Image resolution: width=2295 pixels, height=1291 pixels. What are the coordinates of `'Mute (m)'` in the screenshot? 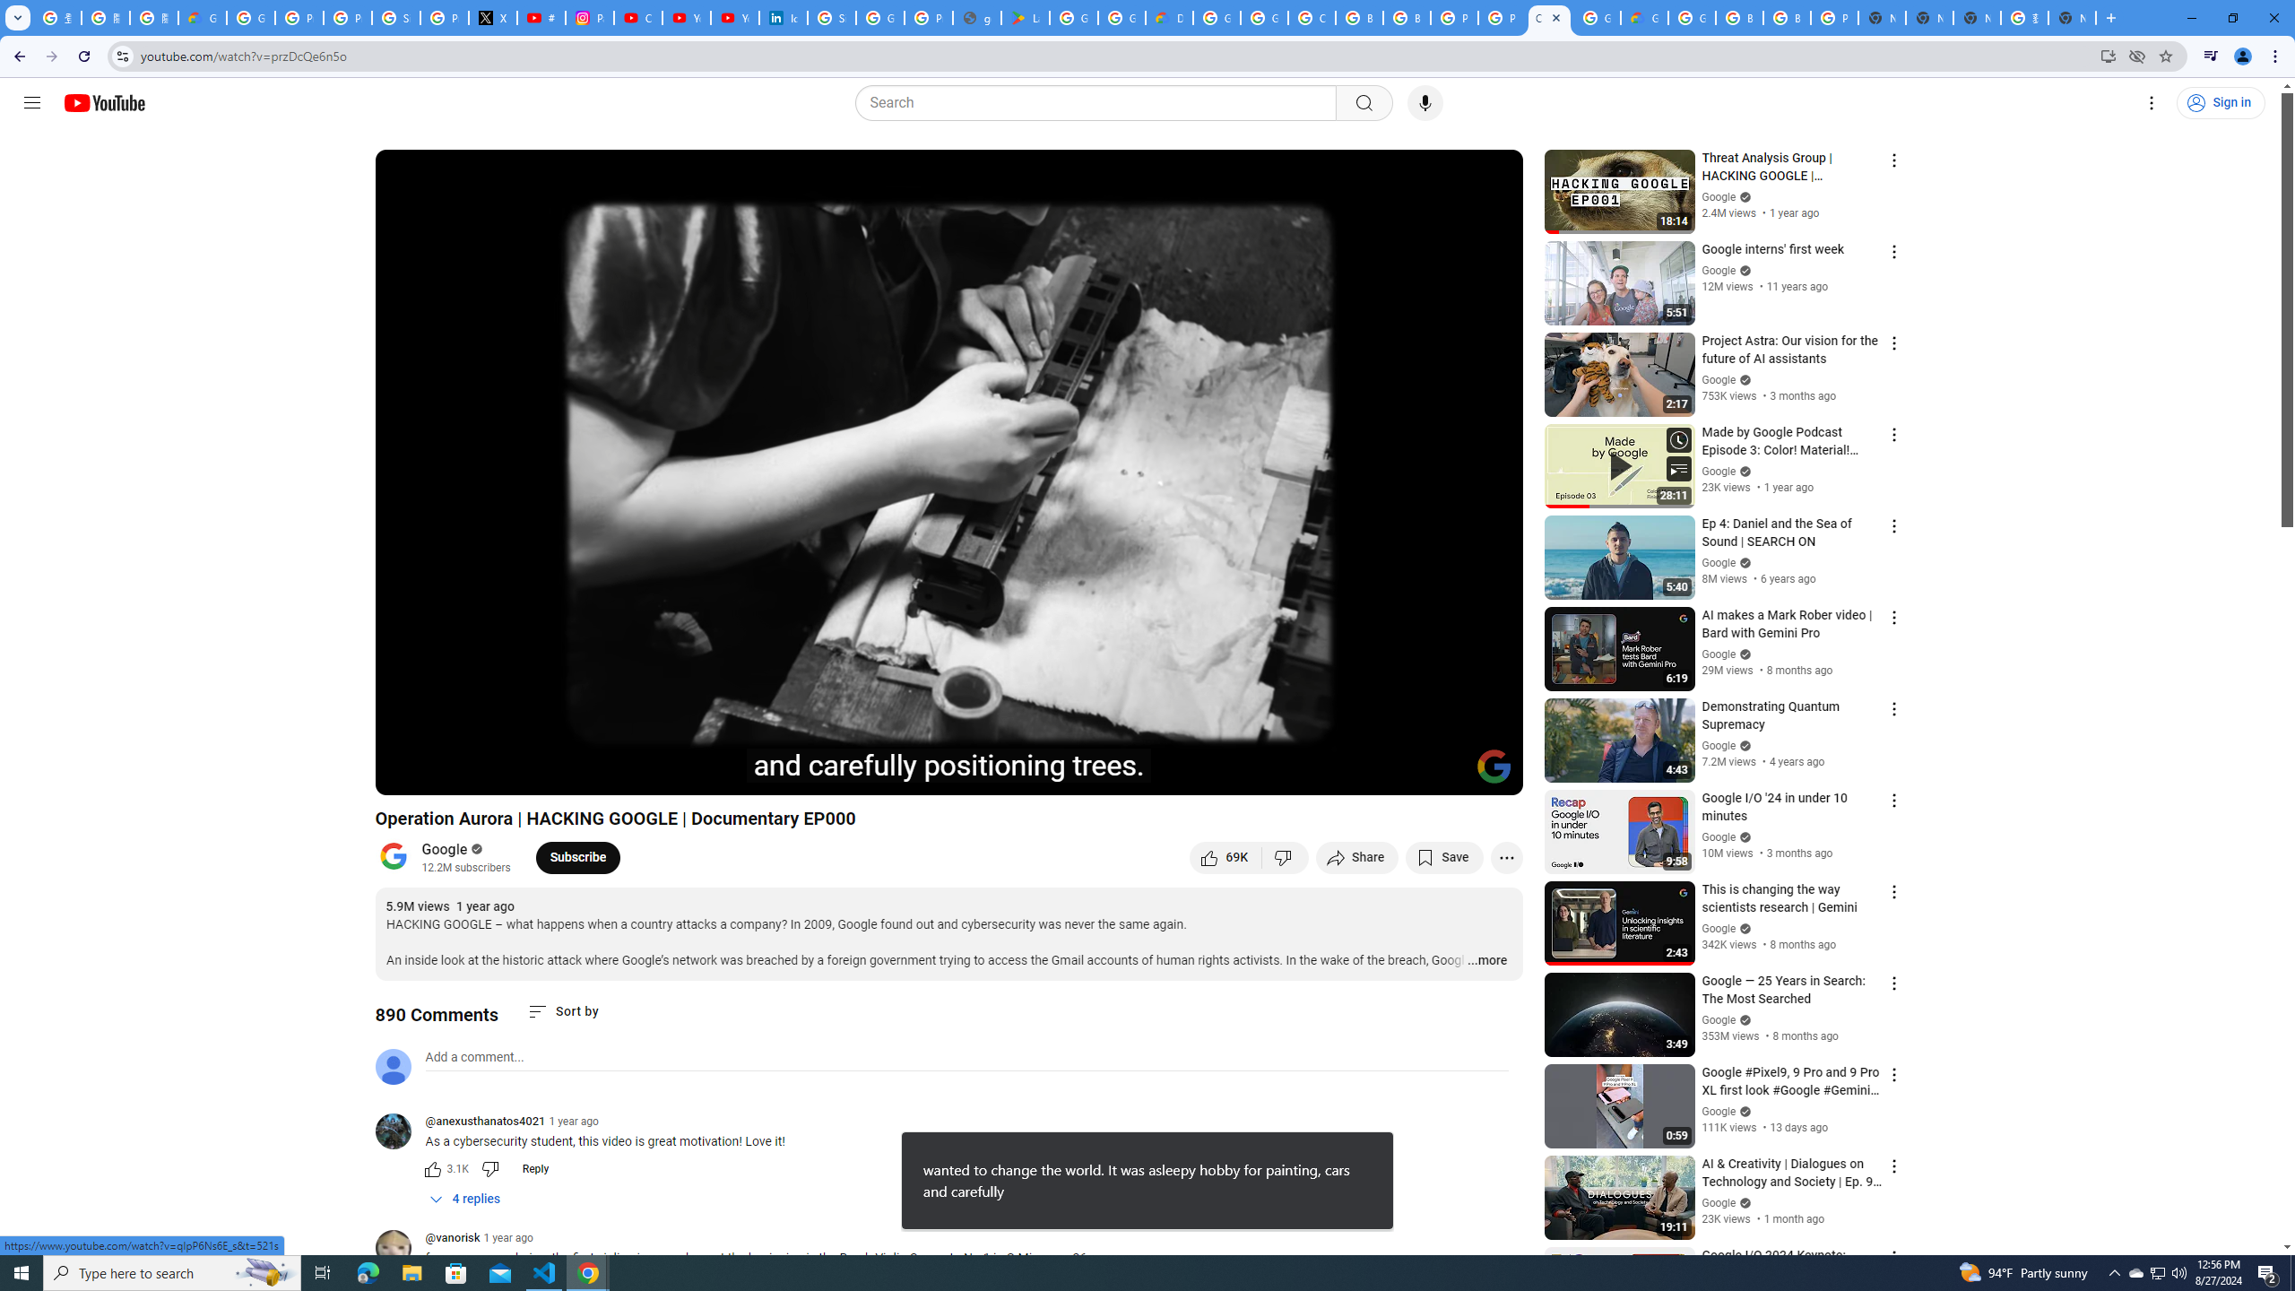 It's located at (492, 773).